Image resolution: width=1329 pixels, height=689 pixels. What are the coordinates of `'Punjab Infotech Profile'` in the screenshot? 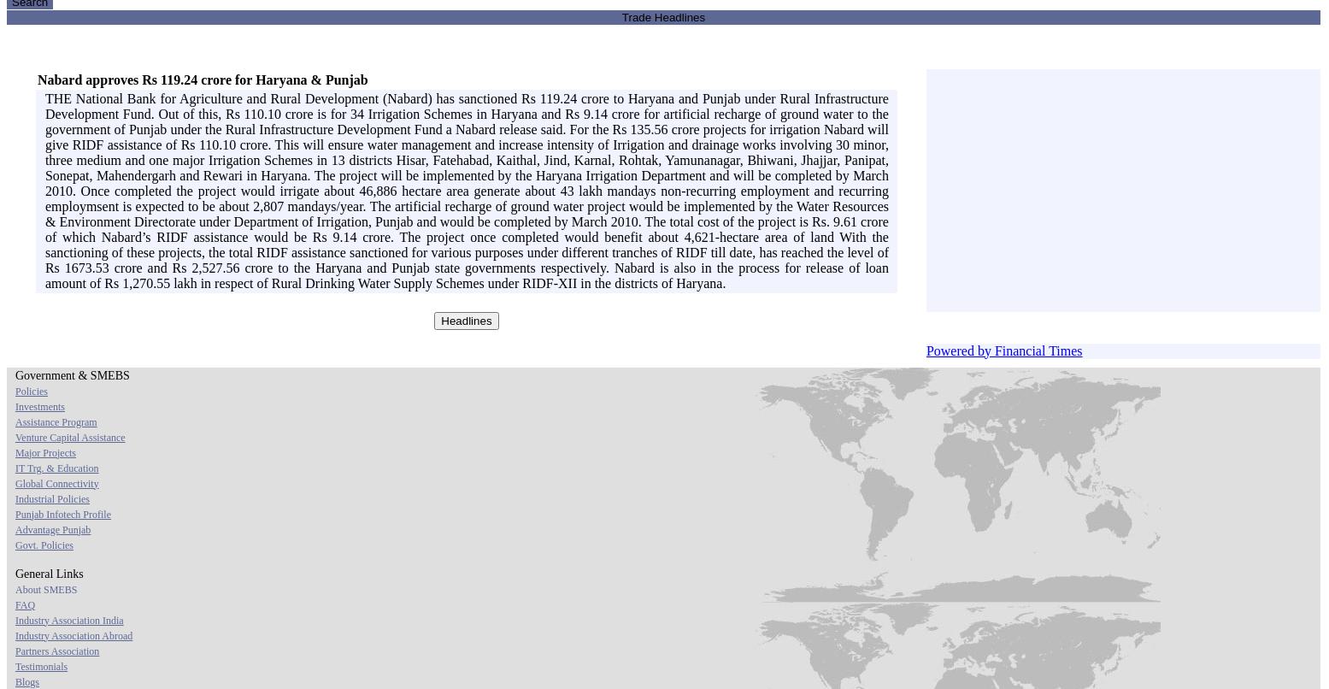 It's located at (62, 514).